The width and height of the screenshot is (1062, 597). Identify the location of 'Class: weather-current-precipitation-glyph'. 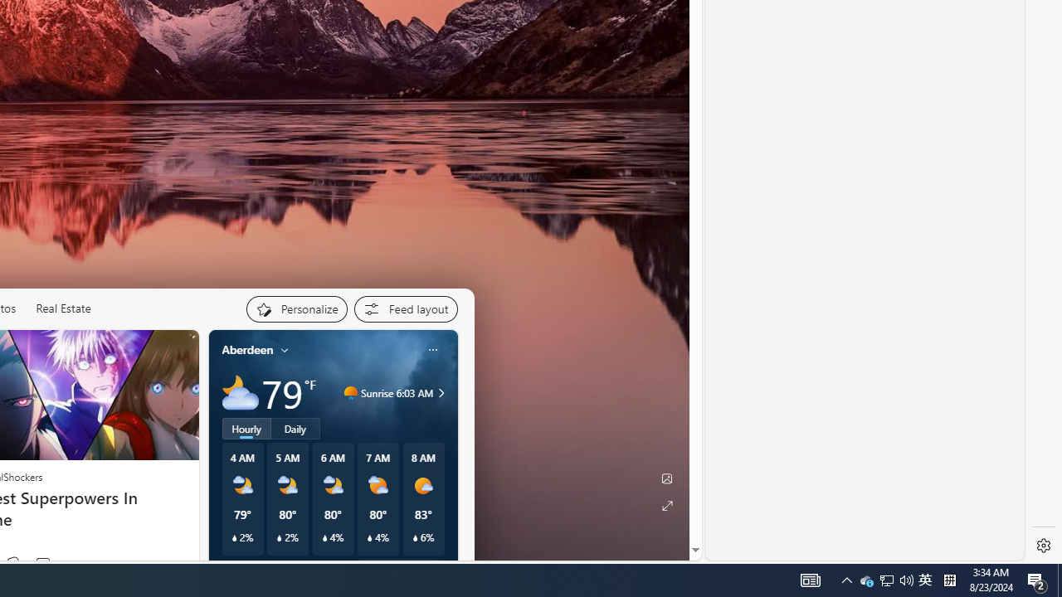
(415, 538).